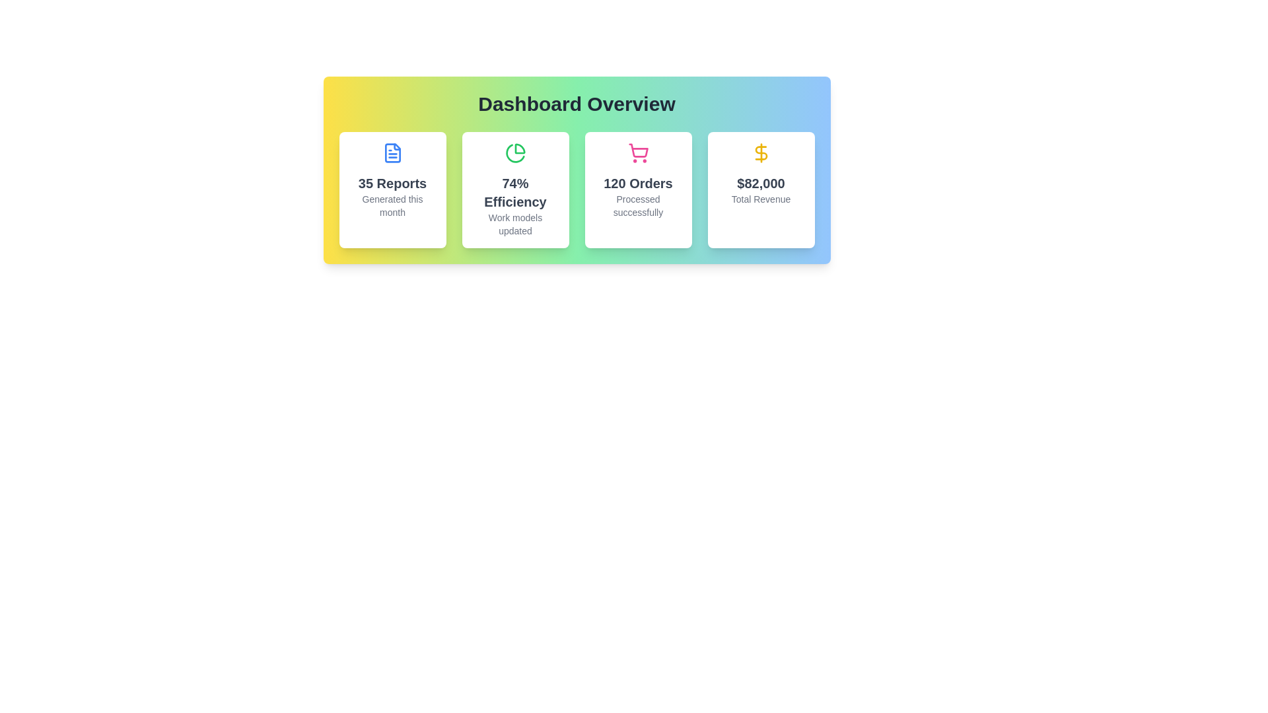 This screenshot has width=1268, height=713. I want to click on the dollar sign icon that represents financial information, located above the '$82,000 Total Revenue' text in the fourth panel of the dashboard card layout, so click(761, 152).